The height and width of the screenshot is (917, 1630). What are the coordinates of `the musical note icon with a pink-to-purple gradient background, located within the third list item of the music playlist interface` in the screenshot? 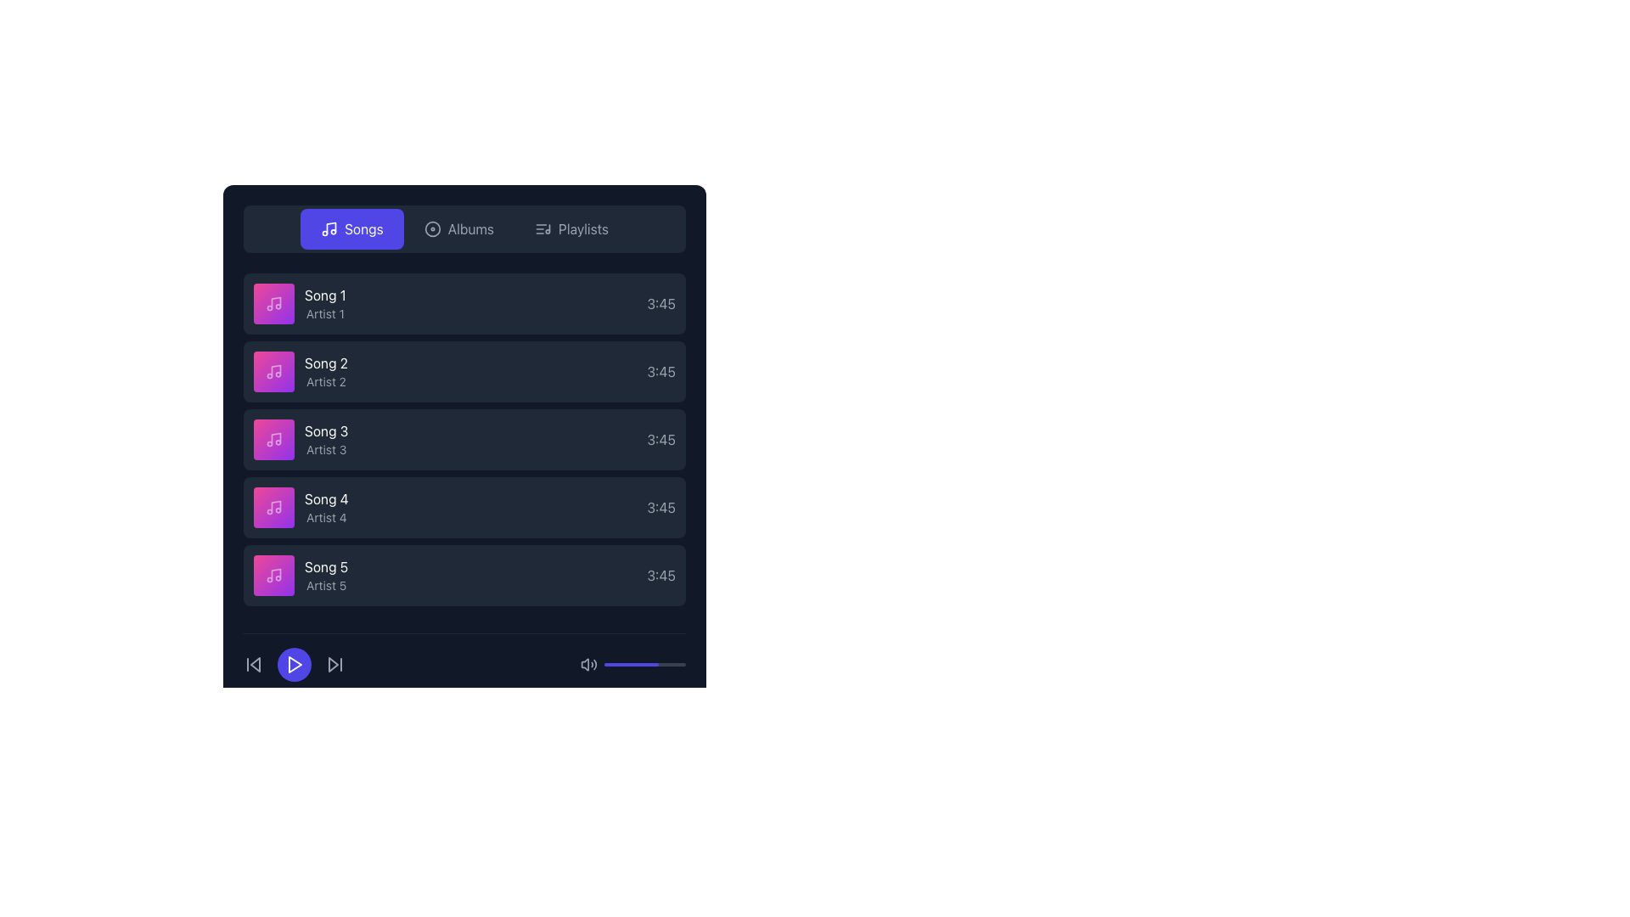 It's located at (273, 438).